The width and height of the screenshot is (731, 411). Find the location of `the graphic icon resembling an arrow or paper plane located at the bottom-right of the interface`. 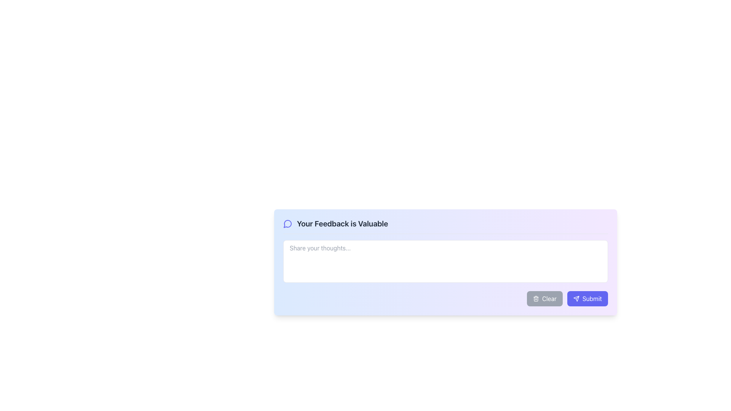

the graphic icon resembling an arrow or paper plane located at the bottom-right of the interface is located at coordinates (576, 298).